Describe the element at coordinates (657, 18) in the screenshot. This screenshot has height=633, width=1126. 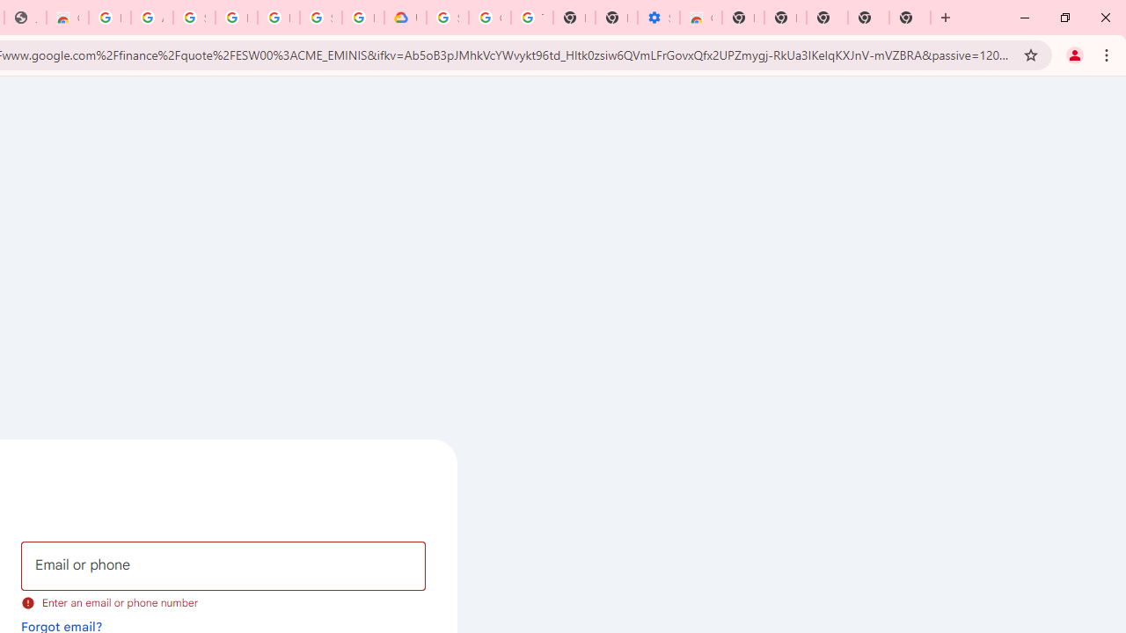
I see `'Settings - Accessibility'` at that location.